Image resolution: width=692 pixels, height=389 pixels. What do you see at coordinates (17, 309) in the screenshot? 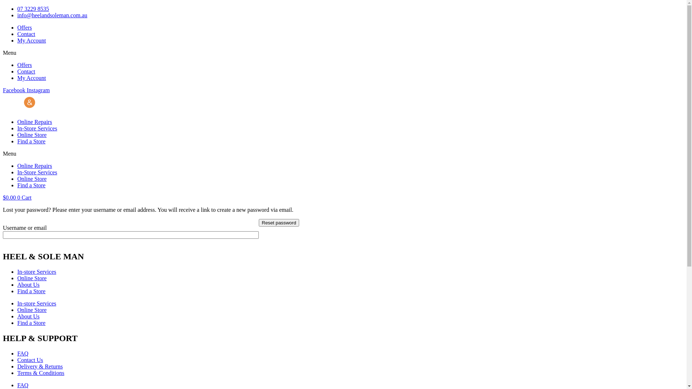
I see `'Online Store'` at bounding box center [17, 309].